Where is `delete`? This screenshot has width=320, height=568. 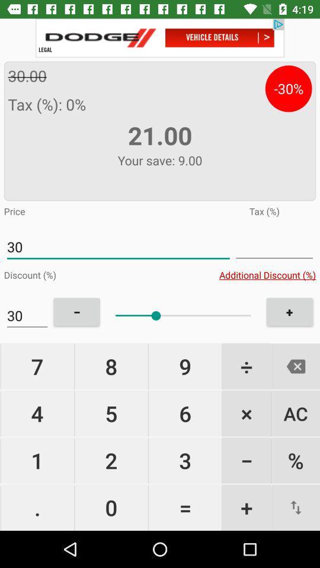
delete is located at coordinates (295, 366).